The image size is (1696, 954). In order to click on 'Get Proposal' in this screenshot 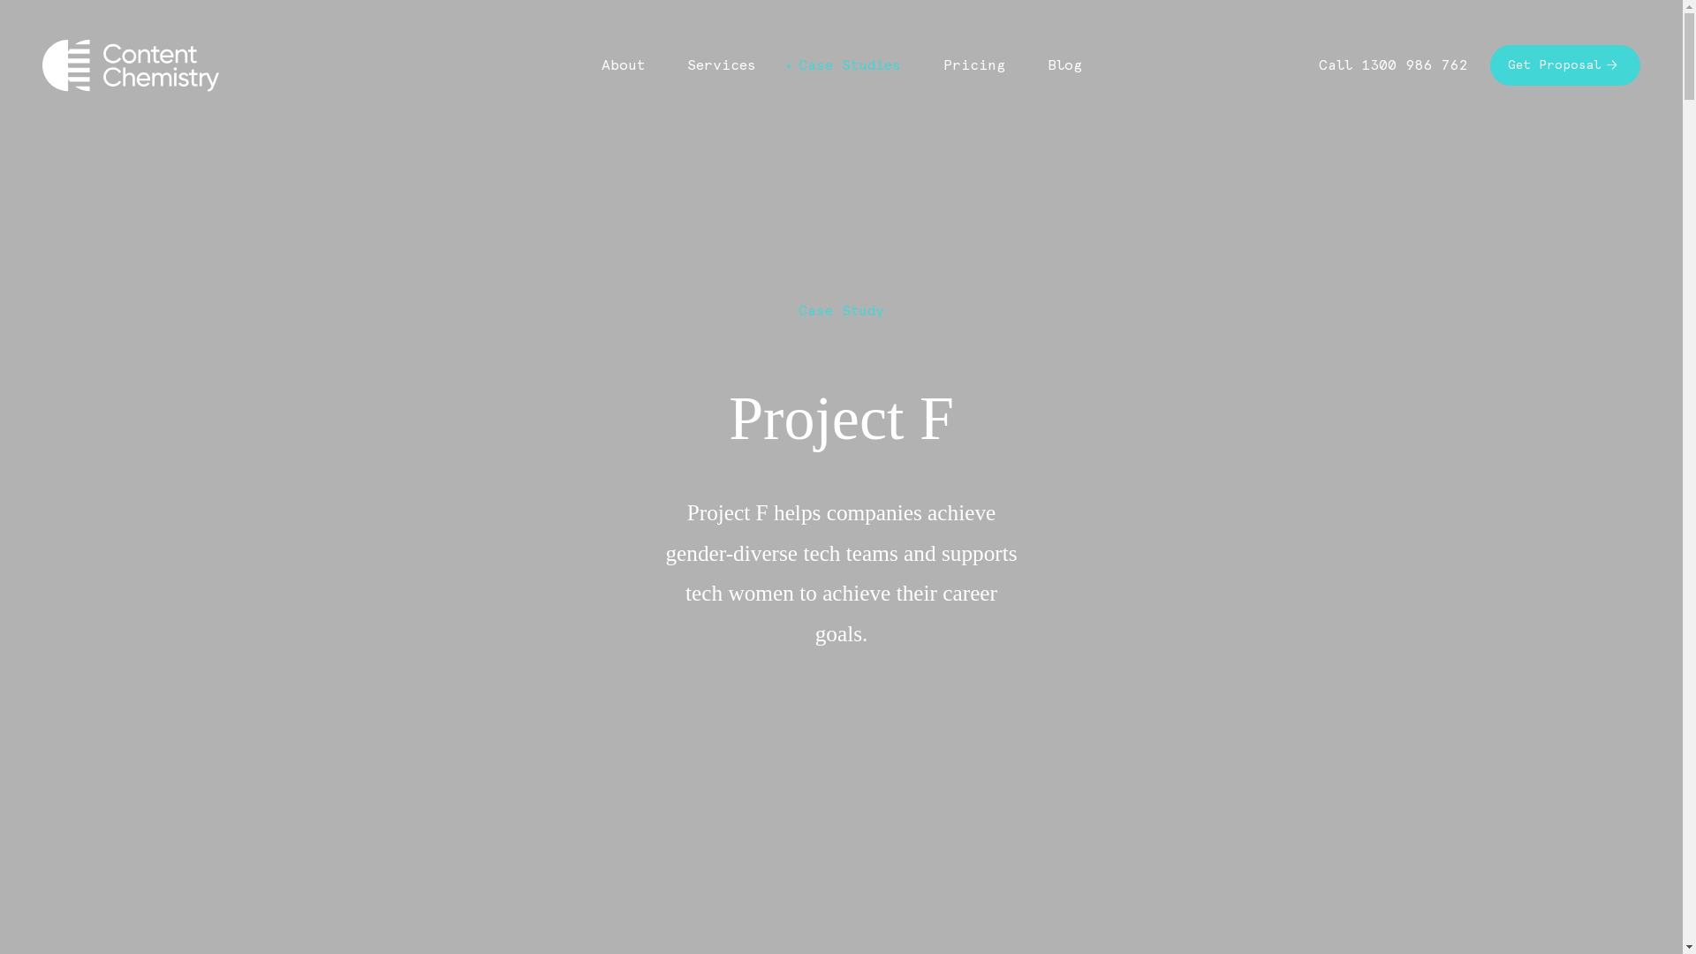, I will do `click(1564, 64)`.